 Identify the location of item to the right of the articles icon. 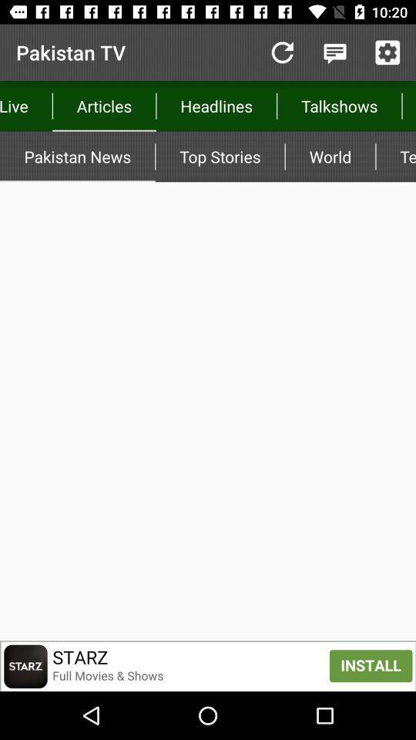
(281, 52).